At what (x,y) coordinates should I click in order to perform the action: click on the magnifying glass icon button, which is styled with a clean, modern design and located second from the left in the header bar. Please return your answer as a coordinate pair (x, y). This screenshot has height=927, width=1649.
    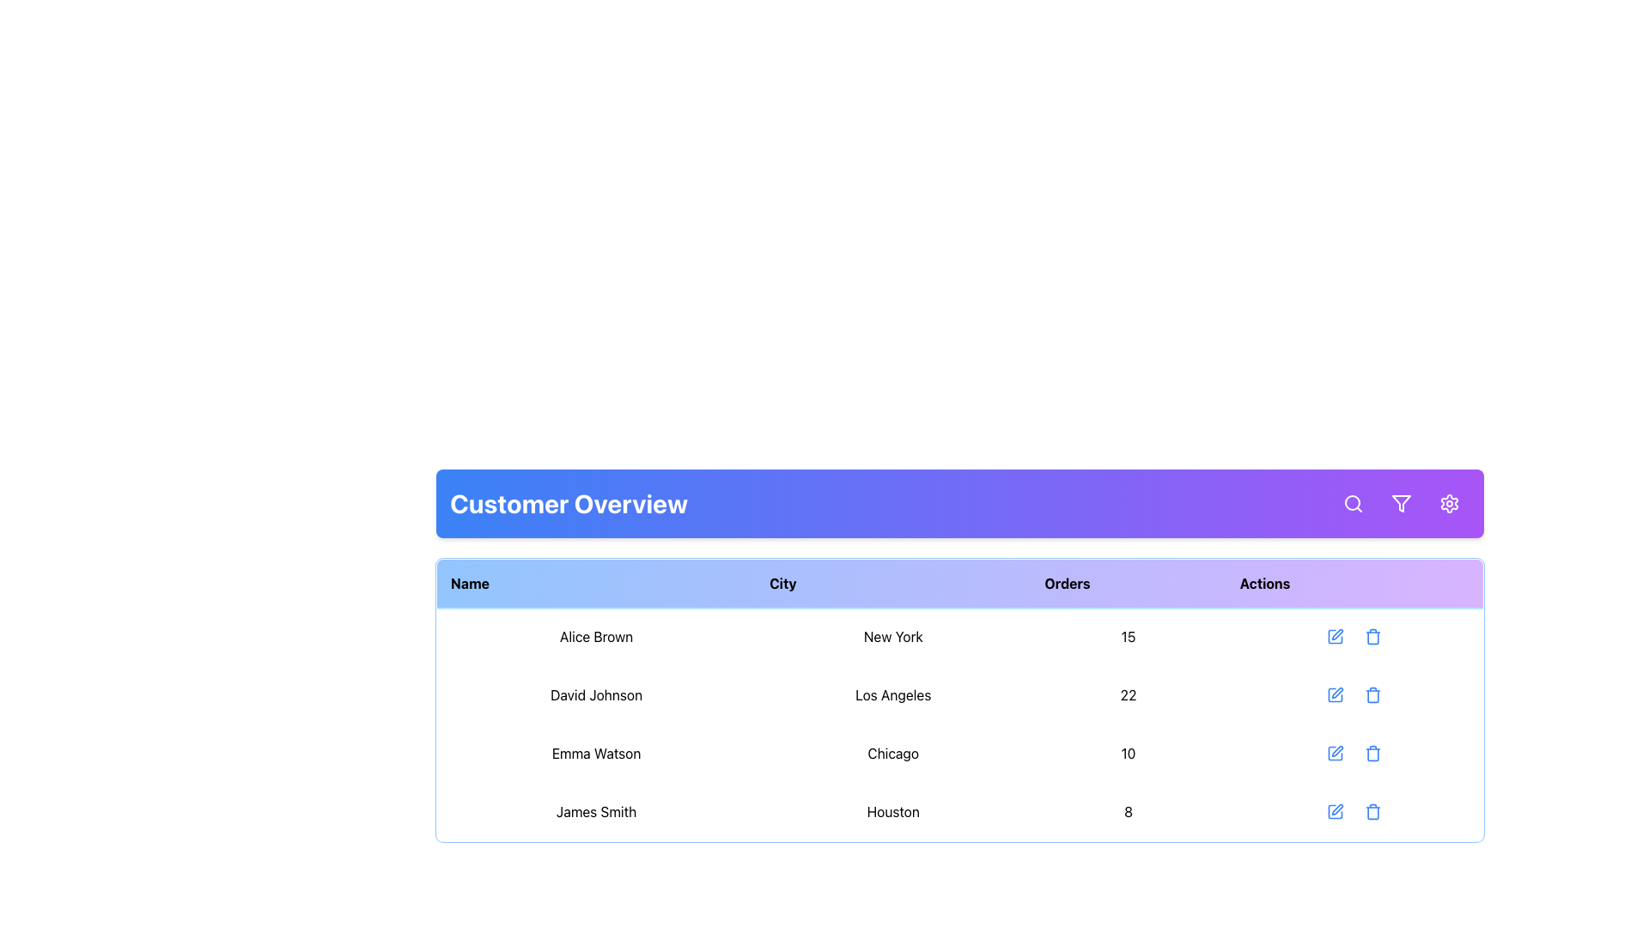
    Looking at the image, I should click on (1352, 502).